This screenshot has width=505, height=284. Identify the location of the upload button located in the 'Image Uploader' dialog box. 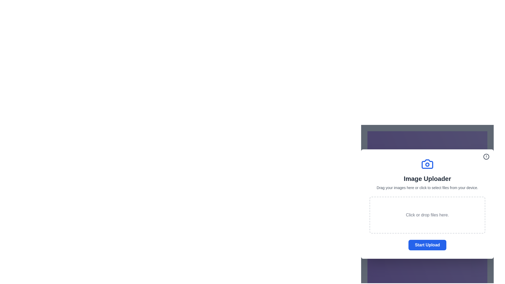
(427, 245).